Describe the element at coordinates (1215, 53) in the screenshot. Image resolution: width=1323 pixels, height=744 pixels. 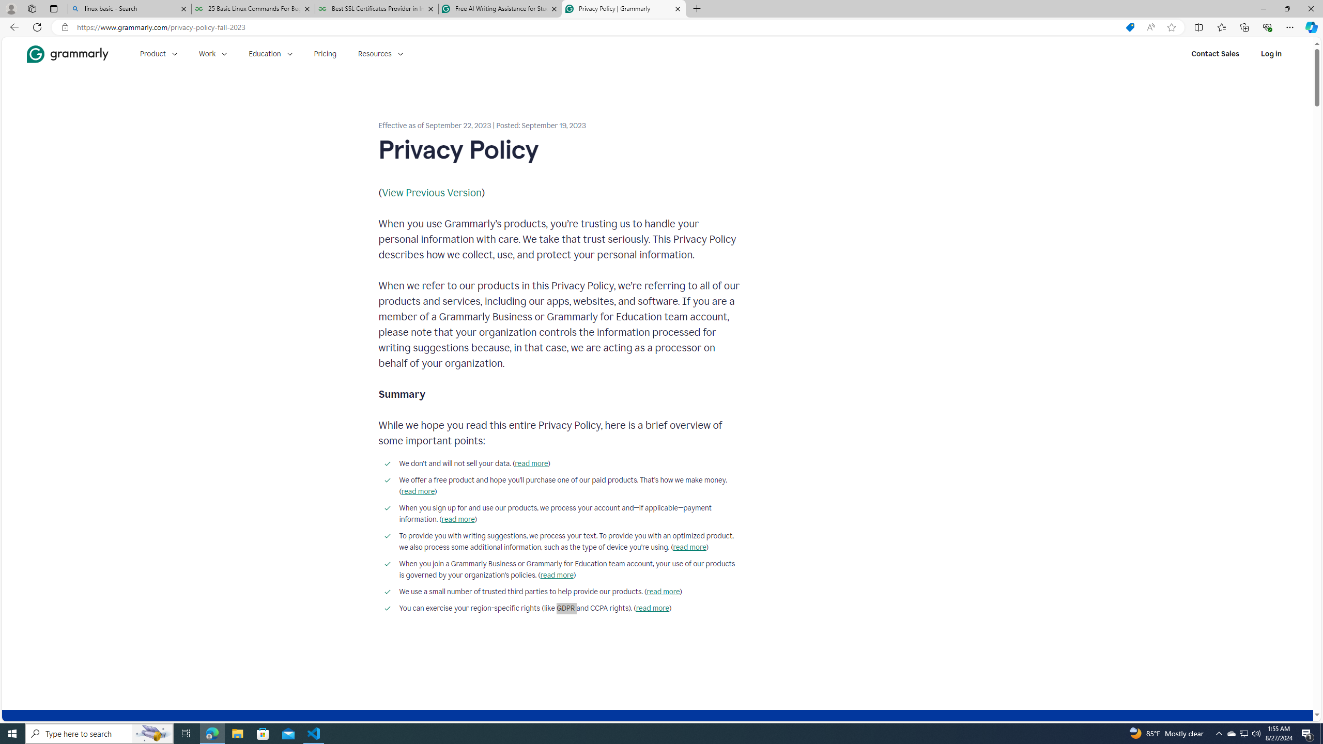
I see `'Contact Sales'` at that location.